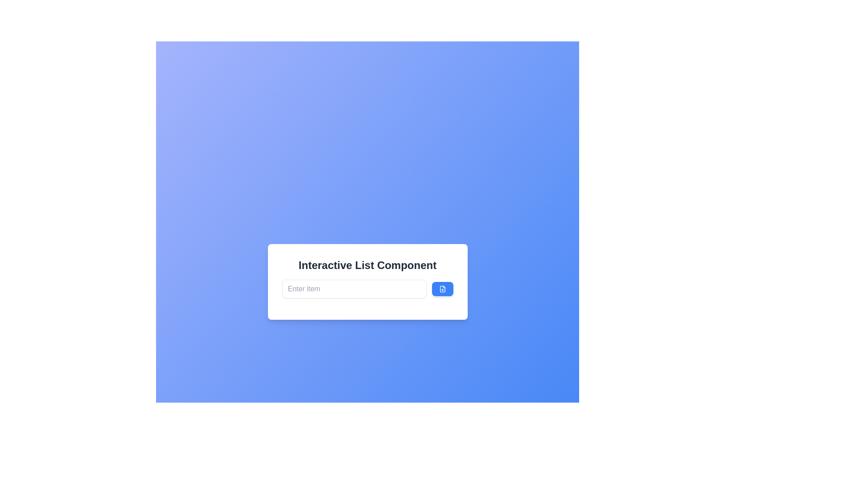 This screenshot has width=856, height=481. What do you see at coordinates (367, 265) in the screenshot?
I see `the bold header text element located at the top of the card component, which is visually formatted with a large size and centered alignment` at bounding box center [367, 265].